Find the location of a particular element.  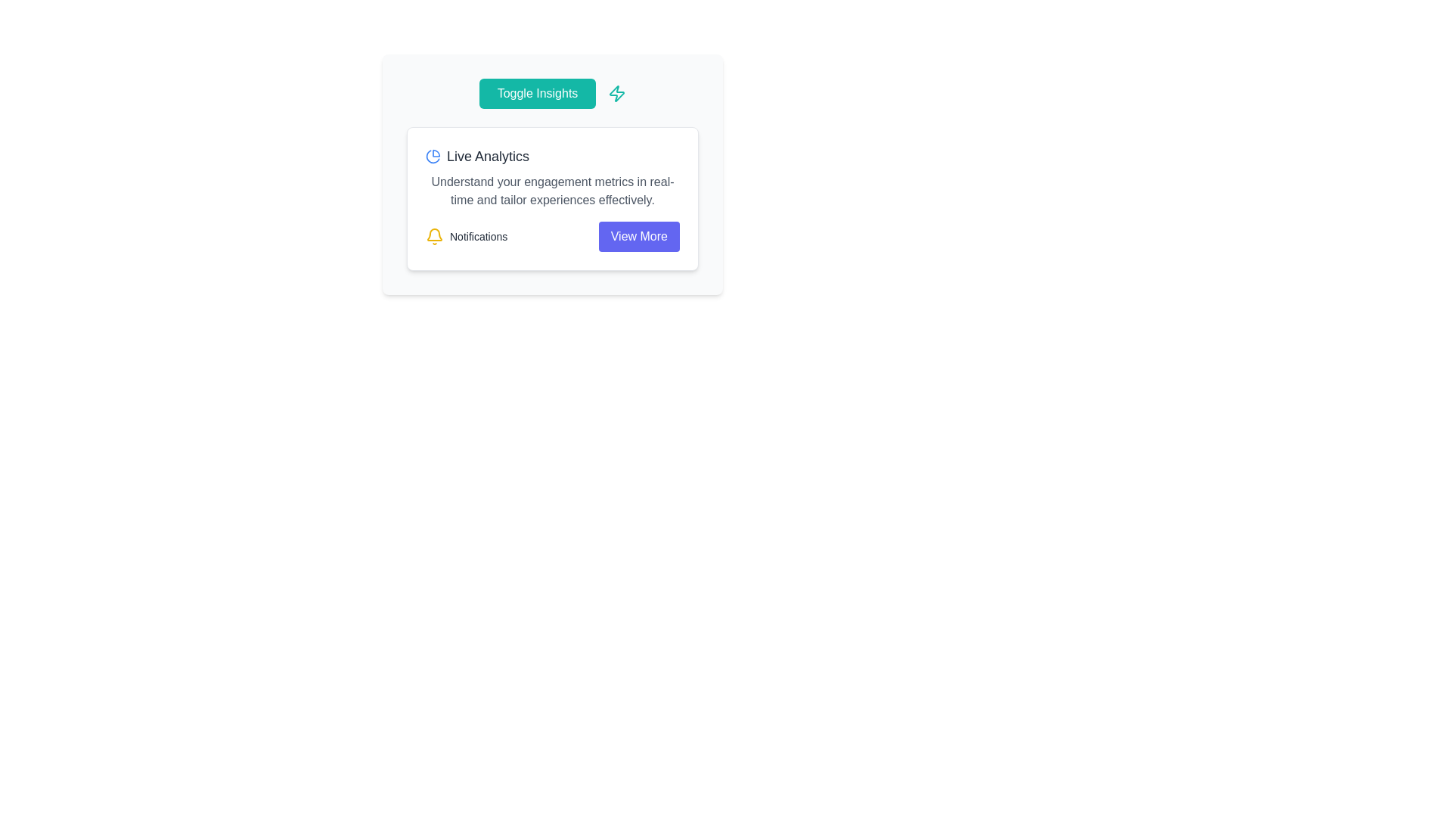

the teal lightning bolt icon located beside the 'Toggle Insights' button is located at coordinates (617, 93).